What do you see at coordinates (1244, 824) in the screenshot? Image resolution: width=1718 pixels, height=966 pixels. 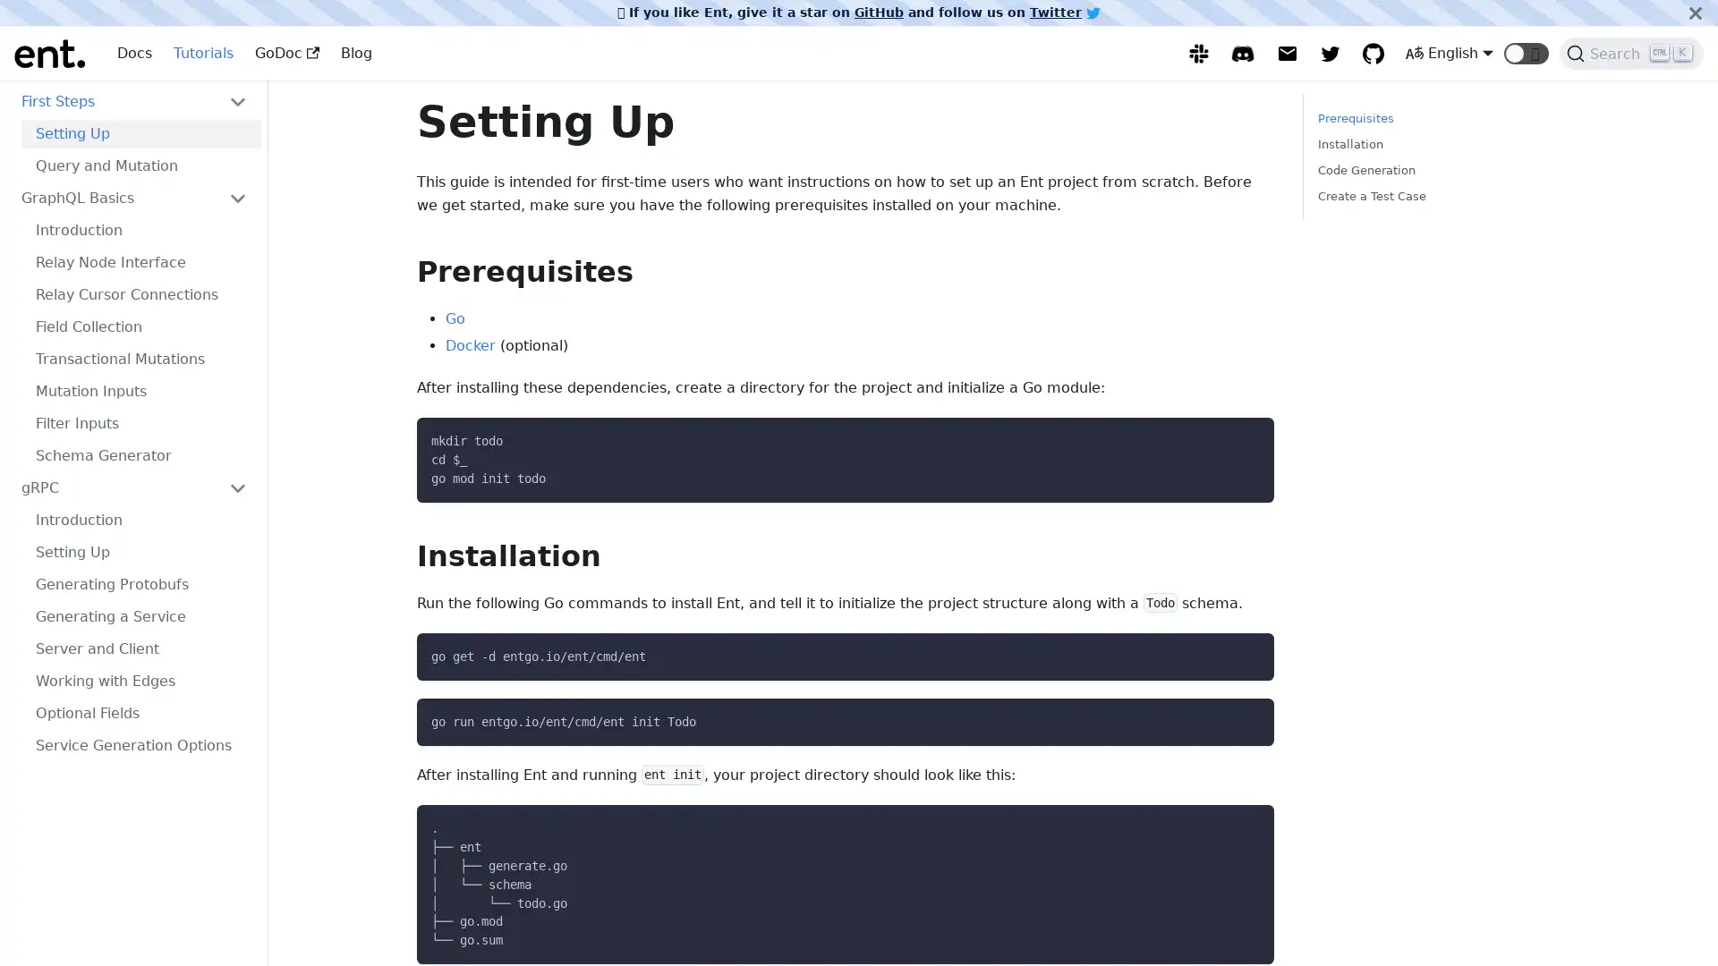 I see `Copy code to clipboard` at bounding box center [1244, 824].